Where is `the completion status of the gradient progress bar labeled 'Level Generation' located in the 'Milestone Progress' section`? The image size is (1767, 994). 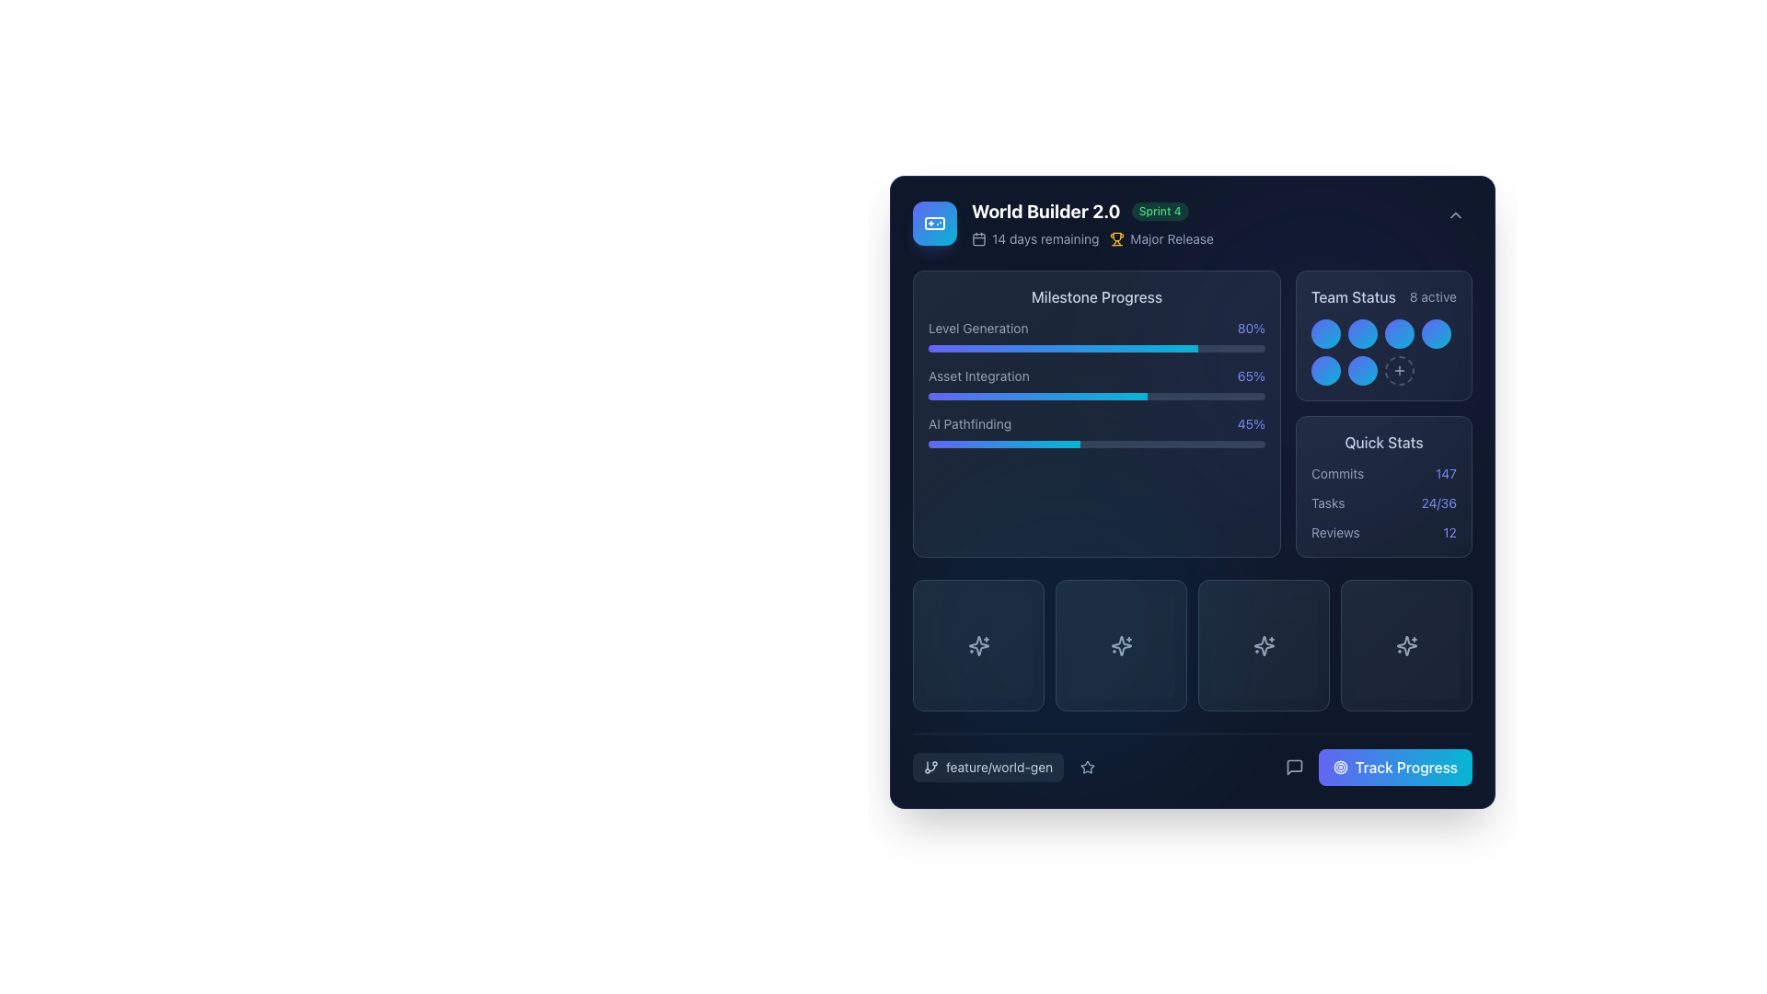
the completion status of the gradient progress bar labeled 'Level Generation' located in the 'Milestone Progress' section is located at coordinates (1063, 348).